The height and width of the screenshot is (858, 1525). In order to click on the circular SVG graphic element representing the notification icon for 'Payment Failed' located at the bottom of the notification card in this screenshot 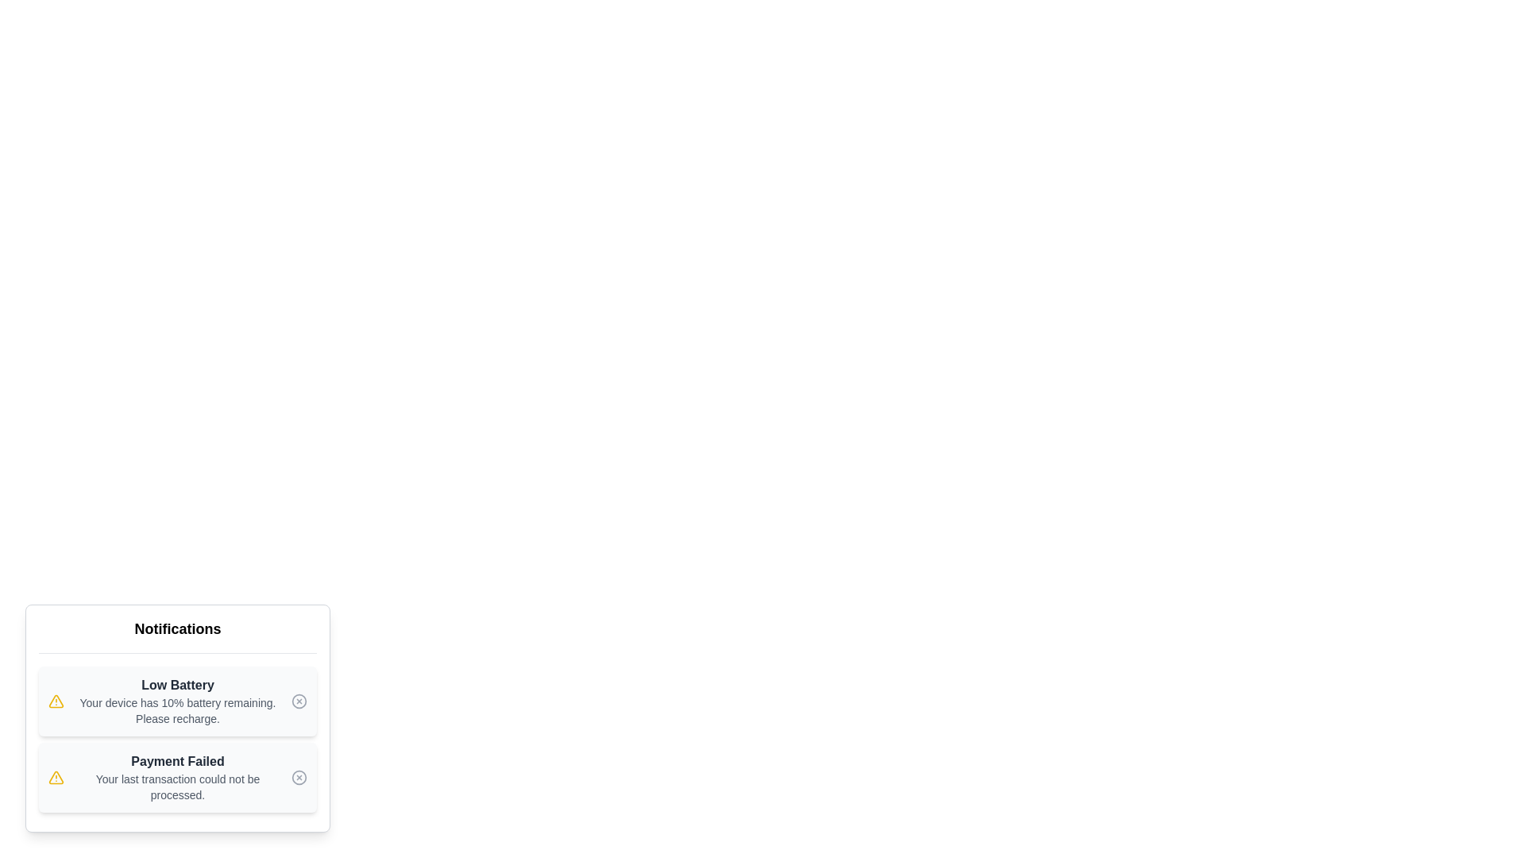, I will do `click(299, 777)`.